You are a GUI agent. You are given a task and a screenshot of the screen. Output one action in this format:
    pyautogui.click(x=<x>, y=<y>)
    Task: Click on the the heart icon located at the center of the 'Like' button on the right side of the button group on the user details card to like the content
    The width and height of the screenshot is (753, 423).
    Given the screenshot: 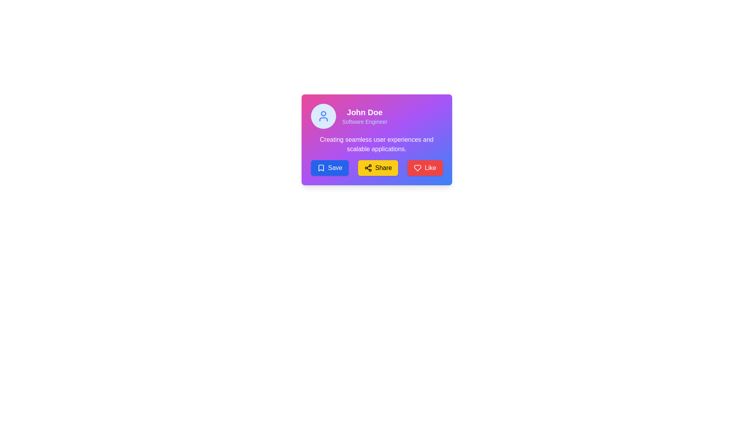 What is the action you would take?
    pyautogui.click(x=417, y=167)
    